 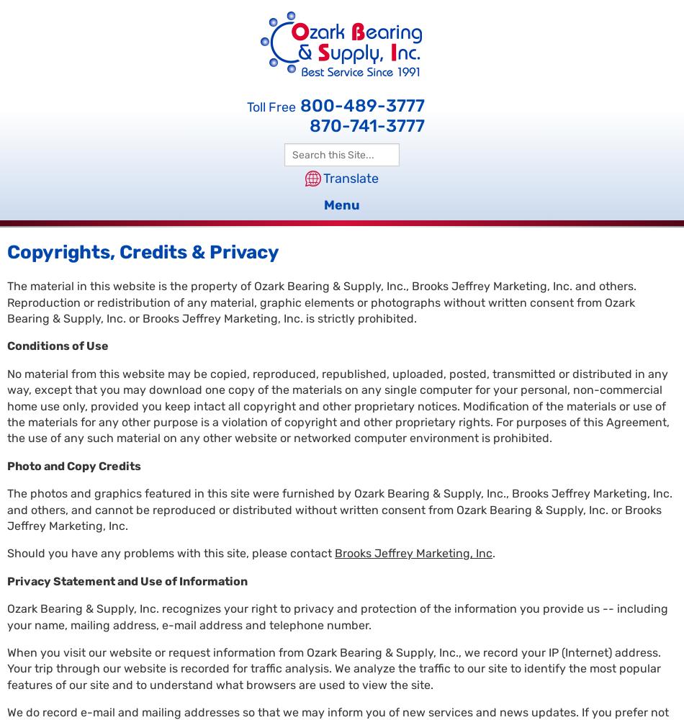 I want to click on 'Brooks Jeffrey Marketing, Inc', so click(x=334, y=553).